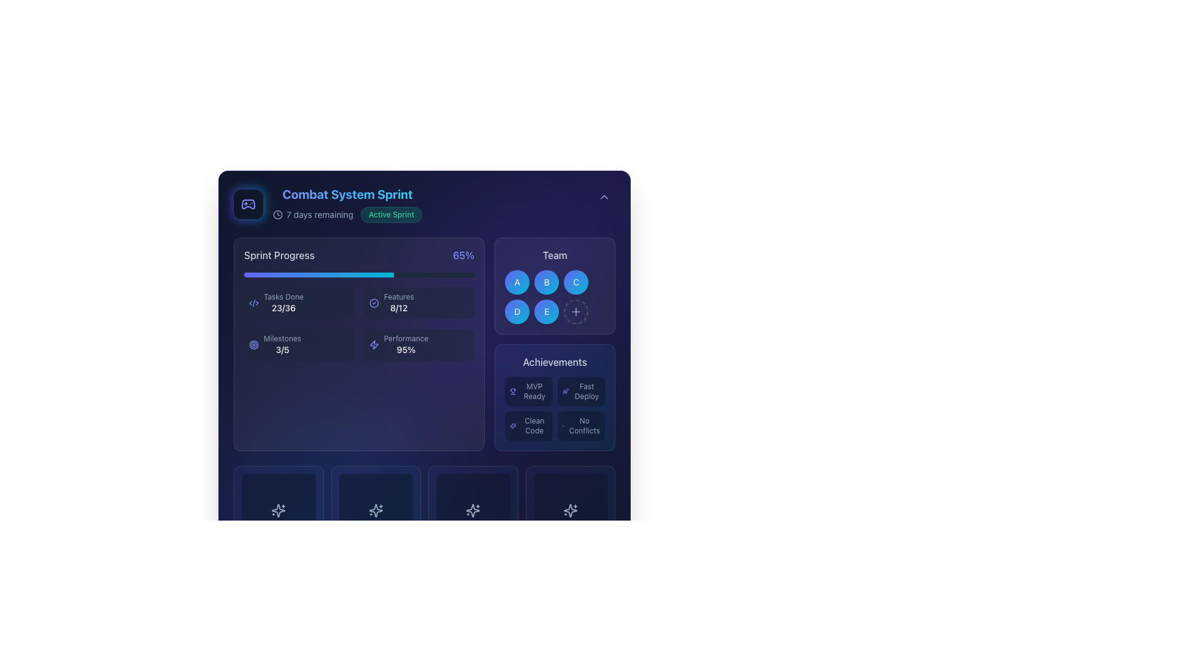 The height and width of the screenshot is (663, 1178). I want to click on inner circle of the checkmark icon in the 'Combat System Sprint' header section using developer tools, so click(373, 303).